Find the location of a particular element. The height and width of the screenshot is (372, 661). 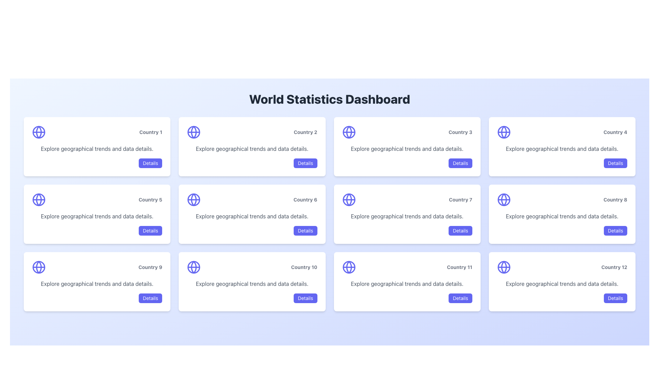

the button located at the bottom-right corner of the card for 'Country 8' is located at coordinates (615, 231).